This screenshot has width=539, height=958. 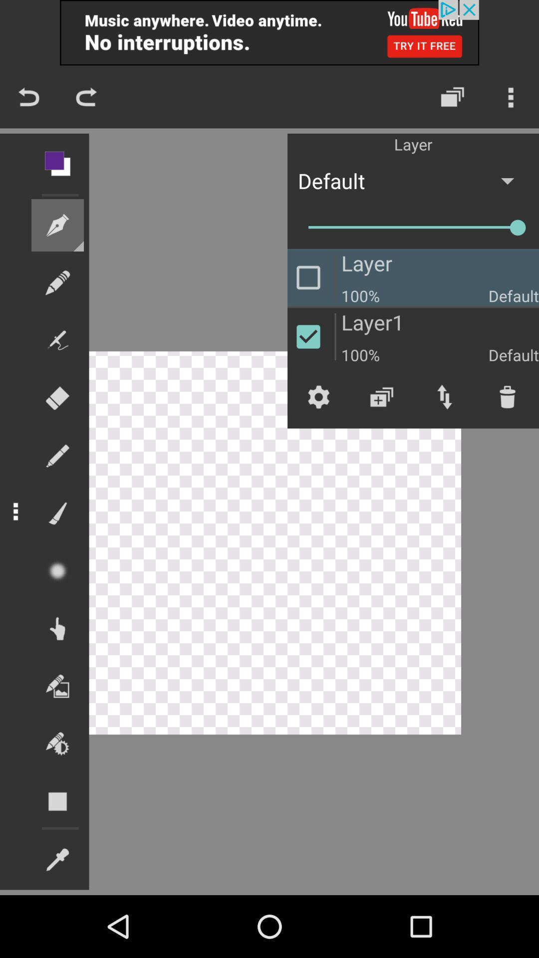 I want to click on the redo icon, so click(x=86, y=97).